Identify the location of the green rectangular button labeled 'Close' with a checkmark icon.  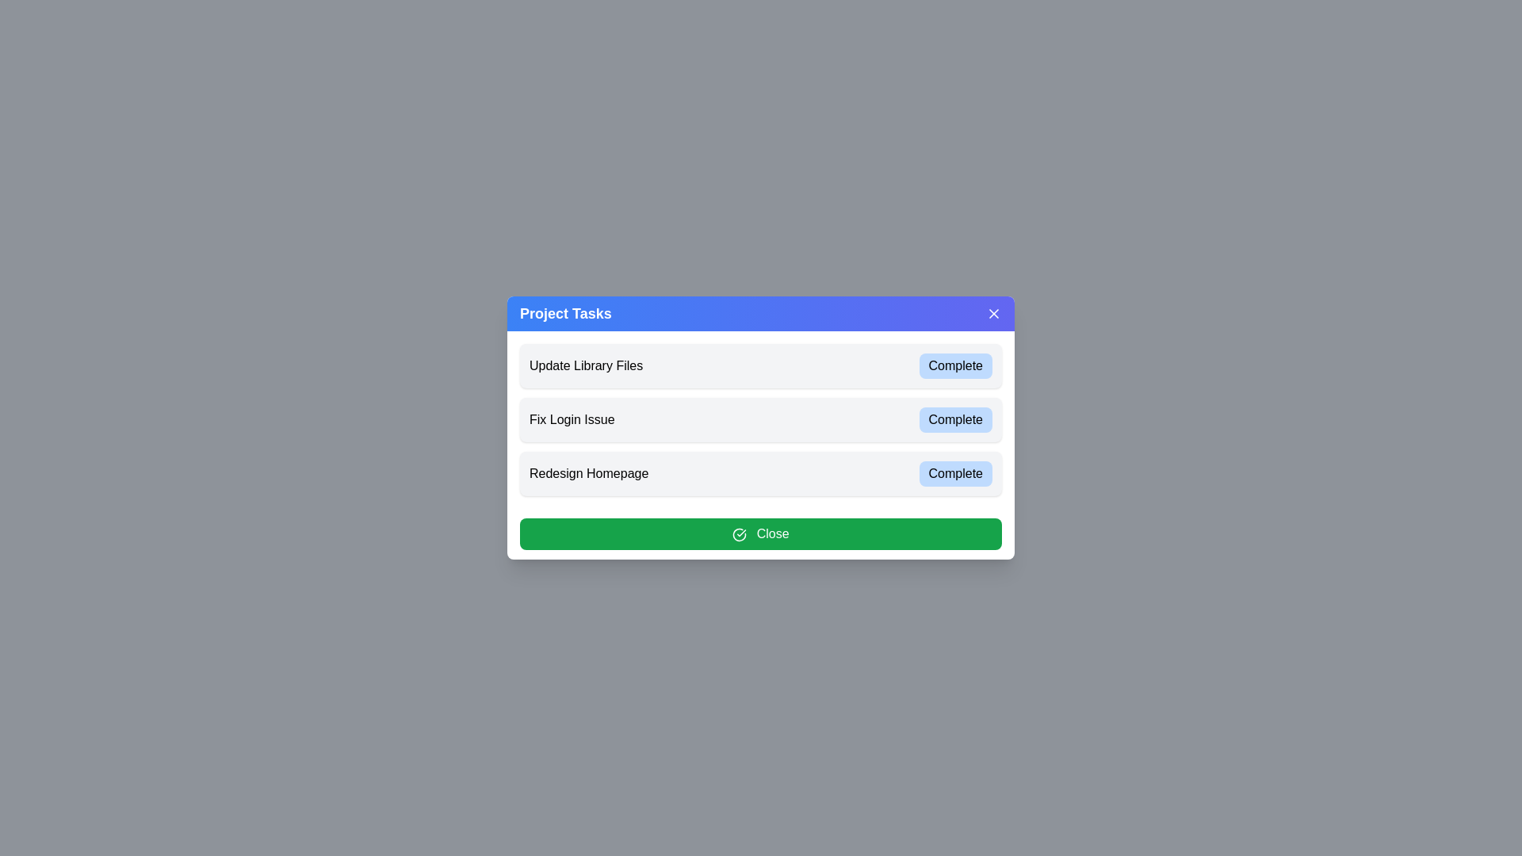
(761, 534).